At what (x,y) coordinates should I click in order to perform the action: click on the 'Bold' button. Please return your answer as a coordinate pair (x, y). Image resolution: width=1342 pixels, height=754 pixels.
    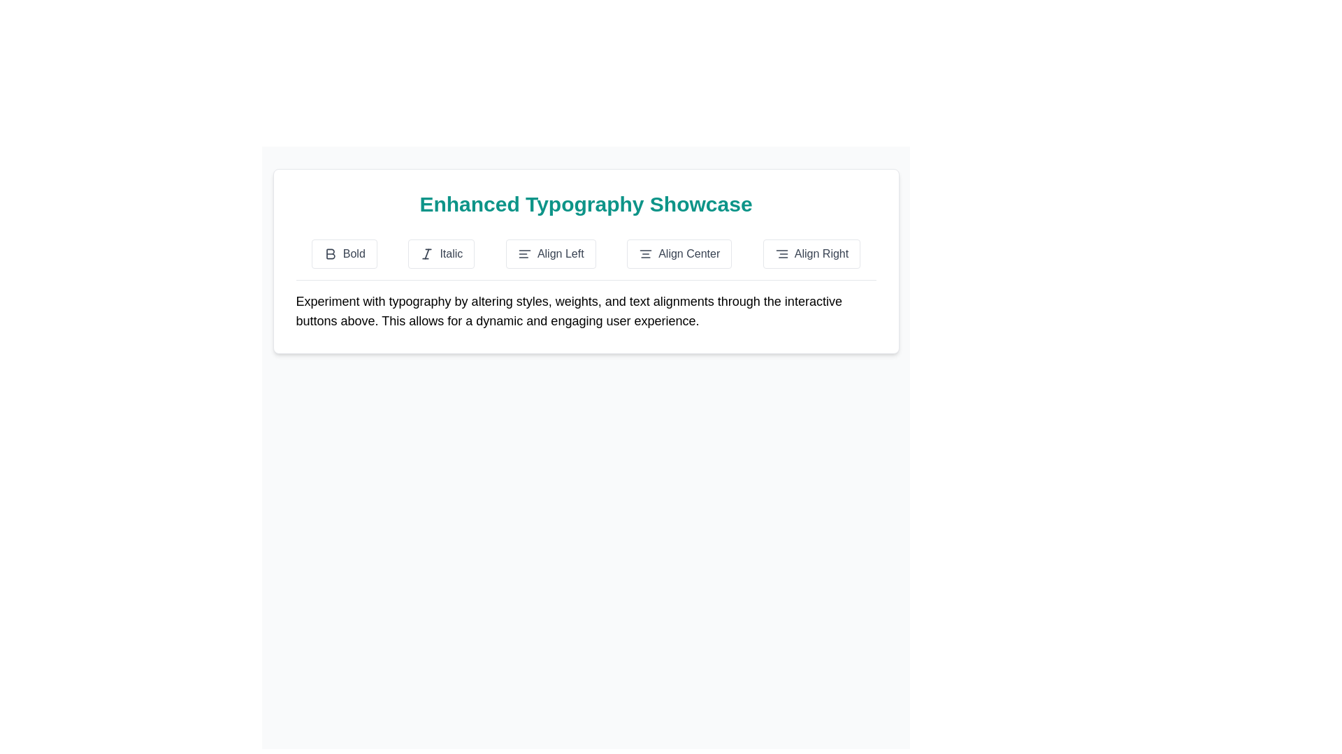
    Looking at the image, I should click on (344, 253).